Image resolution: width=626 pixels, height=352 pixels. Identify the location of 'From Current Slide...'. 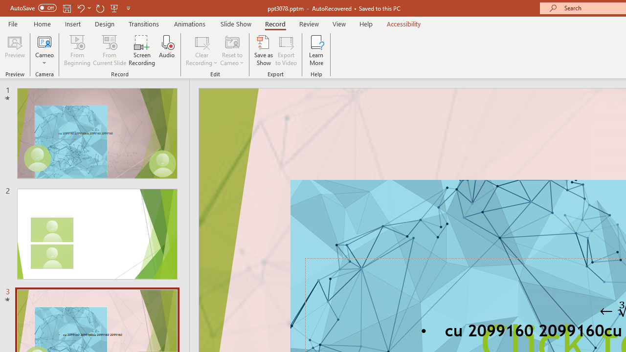
(110, 50).